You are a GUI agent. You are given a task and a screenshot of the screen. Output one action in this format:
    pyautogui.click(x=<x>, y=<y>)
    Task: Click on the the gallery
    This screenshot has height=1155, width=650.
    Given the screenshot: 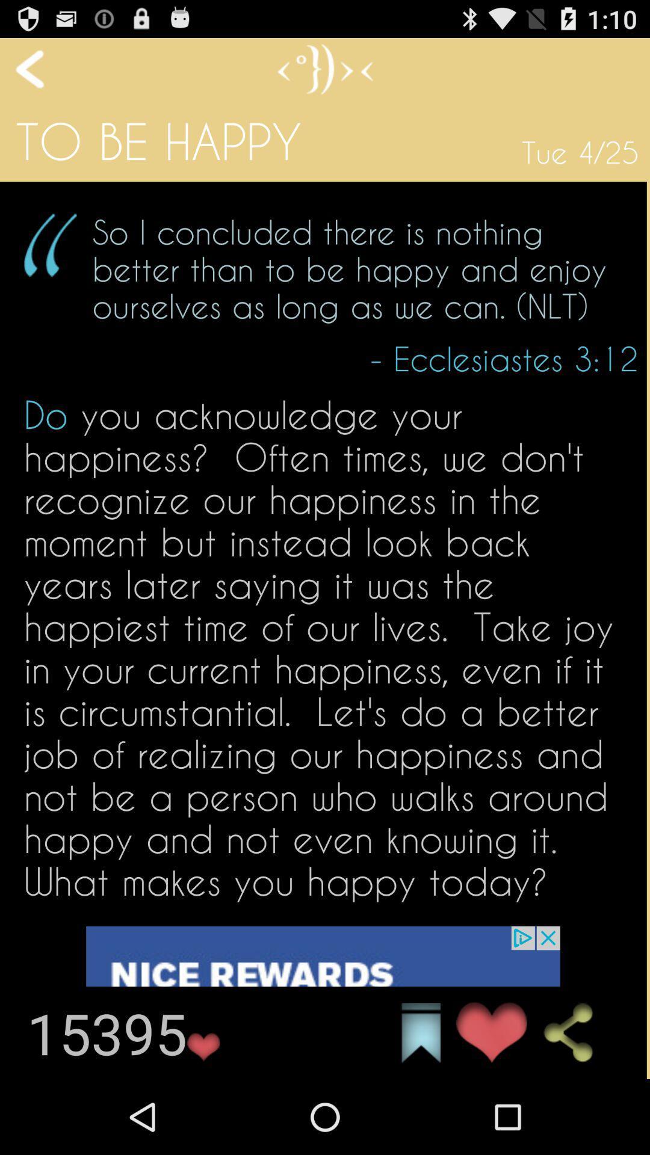 What is the action you would take?
    pyautogui.click(x=420, y=1032)
    